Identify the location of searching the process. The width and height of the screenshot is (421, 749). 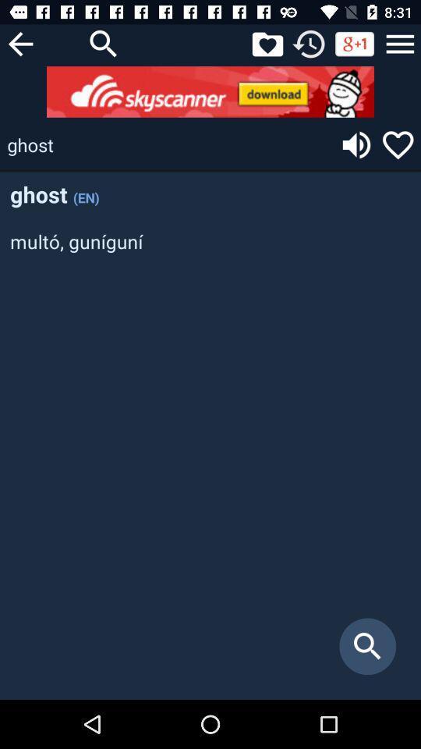
(104, 43).